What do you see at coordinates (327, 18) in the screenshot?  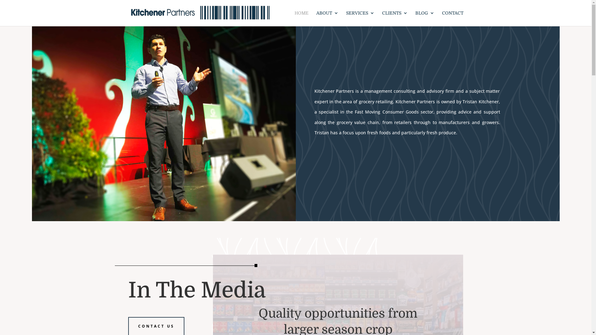 I see `'ABOUT'` at bounding box center [327, 18].